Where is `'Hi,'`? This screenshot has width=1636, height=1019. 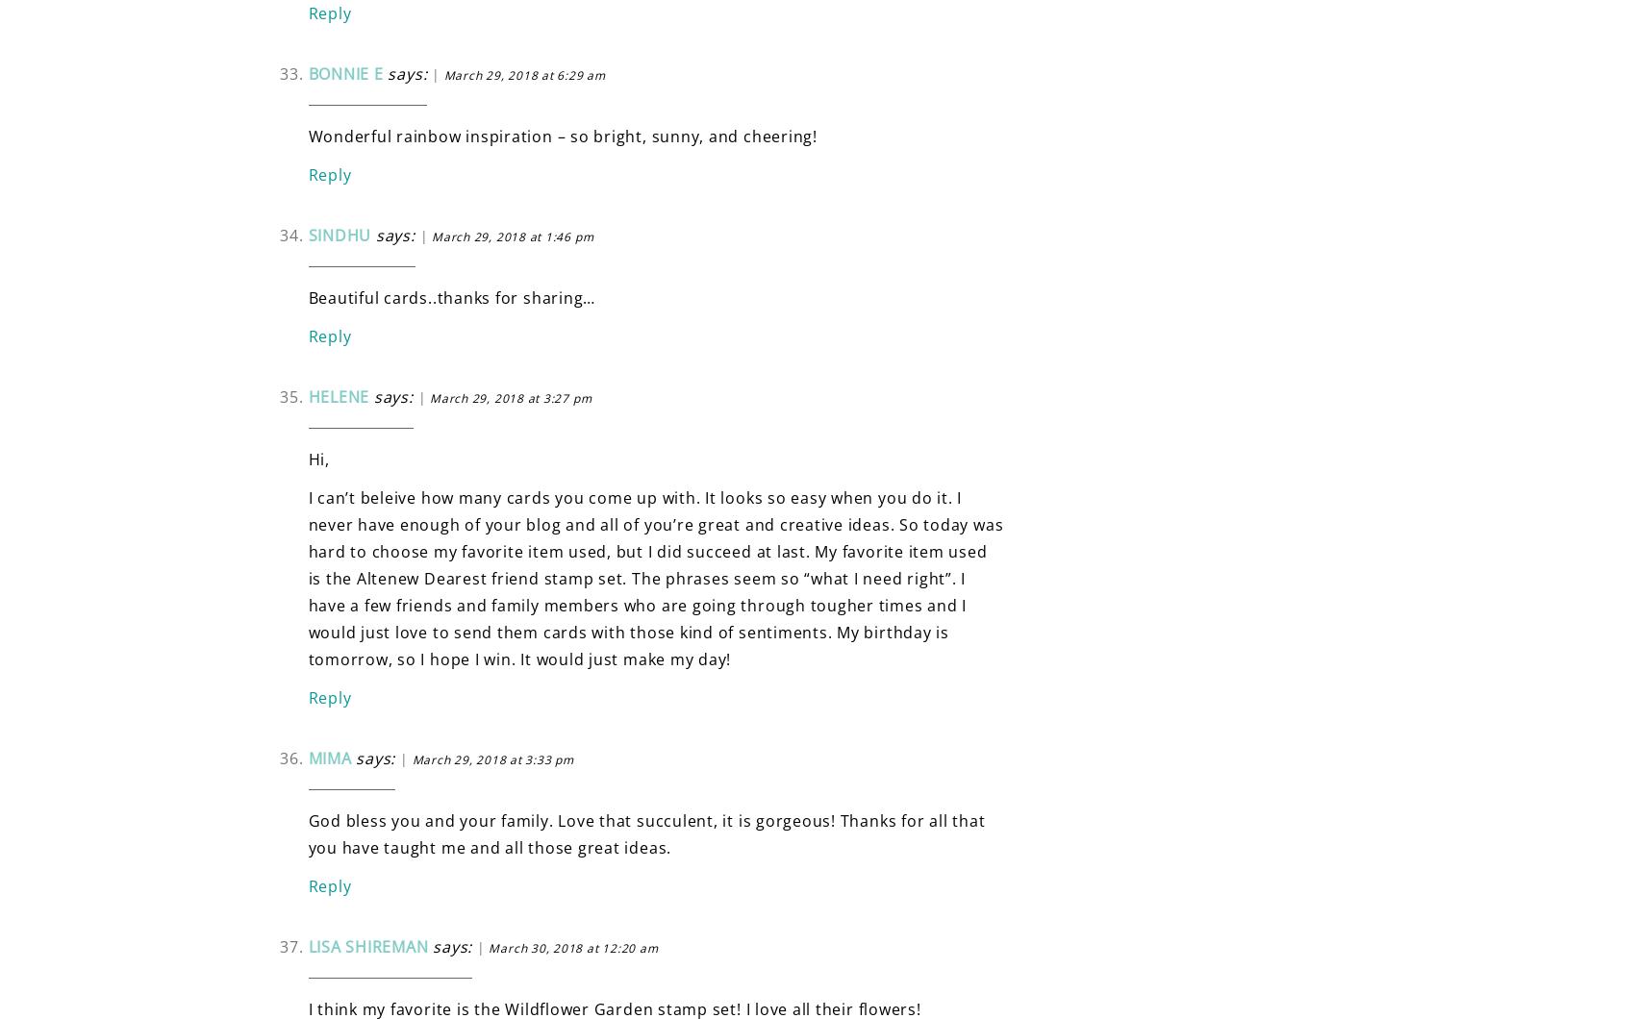 'Hi,' is located at coordinates (307, 458).